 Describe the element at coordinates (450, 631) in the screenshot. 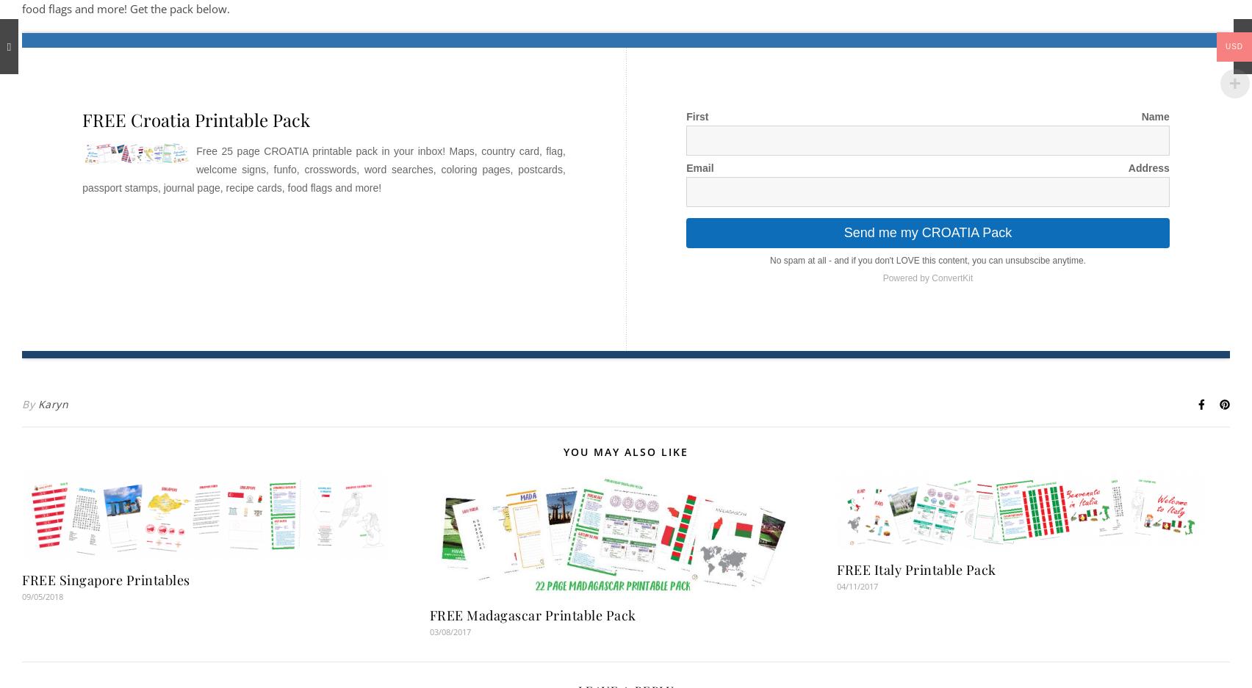

I see `'03/08/2017'` at that location.